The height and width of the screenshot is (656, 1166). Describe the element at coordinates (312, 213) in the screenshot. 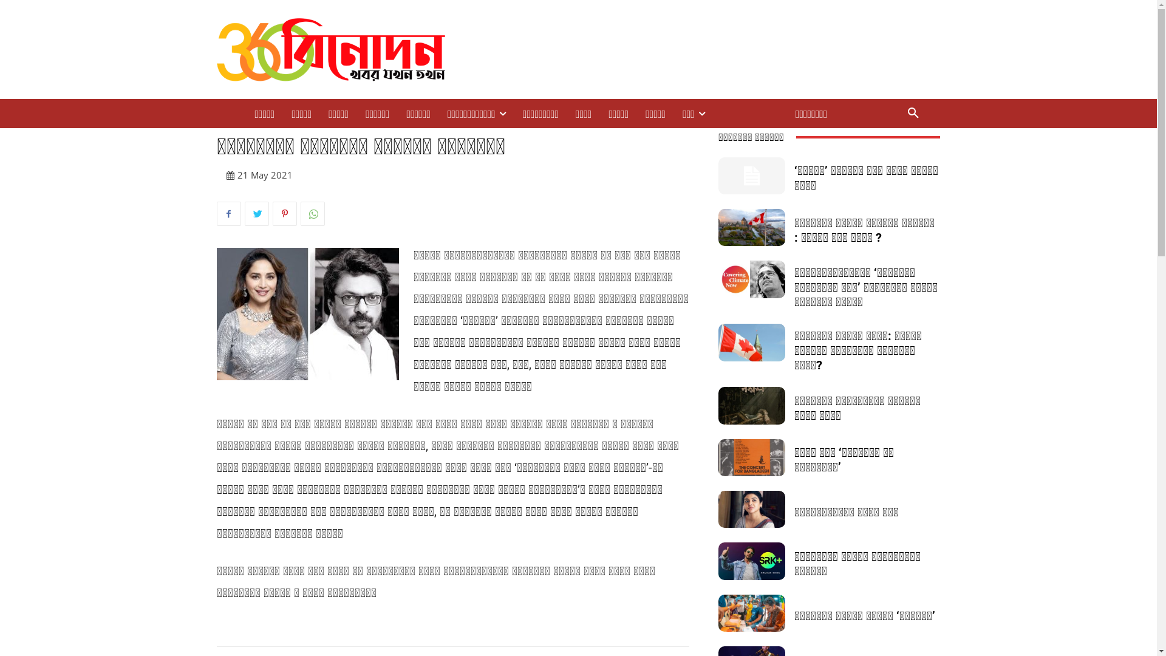

I see `'WhatsApp'` at that location.